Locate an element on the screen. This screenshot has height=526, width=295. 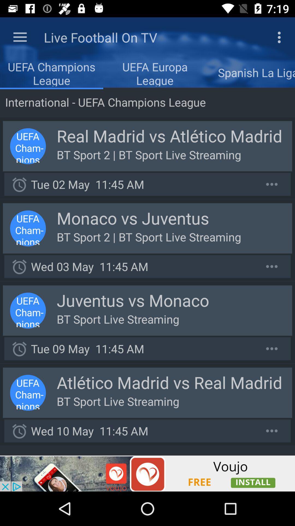
three dot menu is located at coordinates (272, 266).